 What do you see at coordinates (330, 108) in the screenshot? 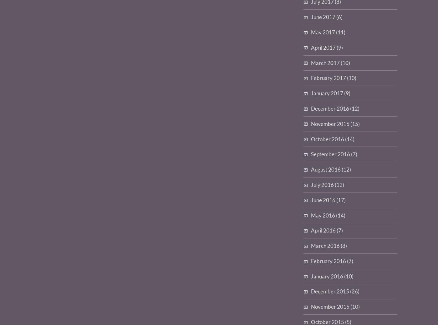
I see `'December 2016'` at bounding box center [330, 108].